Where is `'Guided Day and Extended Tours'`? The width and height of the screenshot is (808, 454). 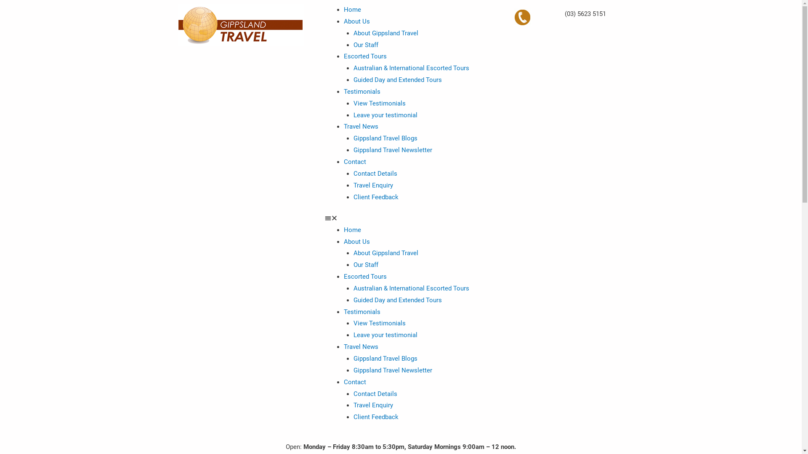
'Guided Day and Extended Tours' is located at coordinates (397, 299).